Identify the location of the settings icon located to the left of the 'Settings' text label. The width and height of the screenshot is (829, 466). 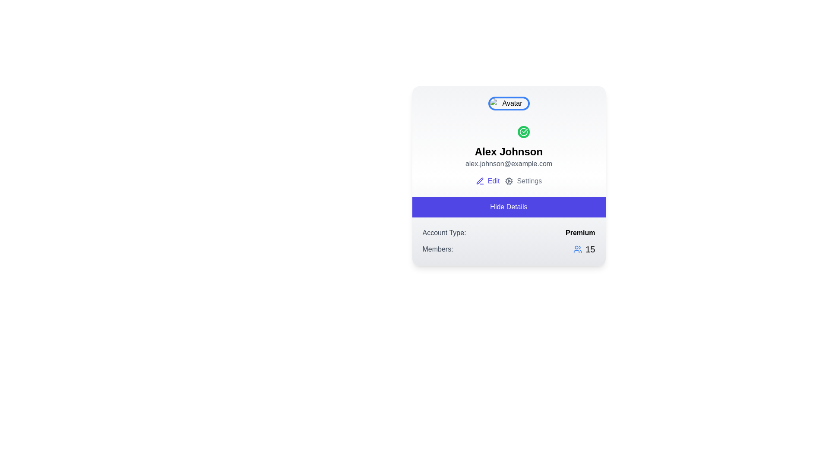
(509, 181).